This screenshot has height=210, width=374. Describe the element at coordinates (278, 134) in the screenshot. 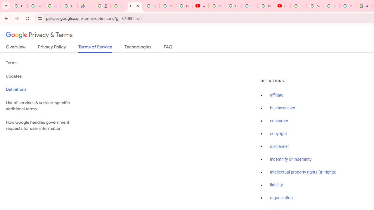

I see `'copyright'` at that location.